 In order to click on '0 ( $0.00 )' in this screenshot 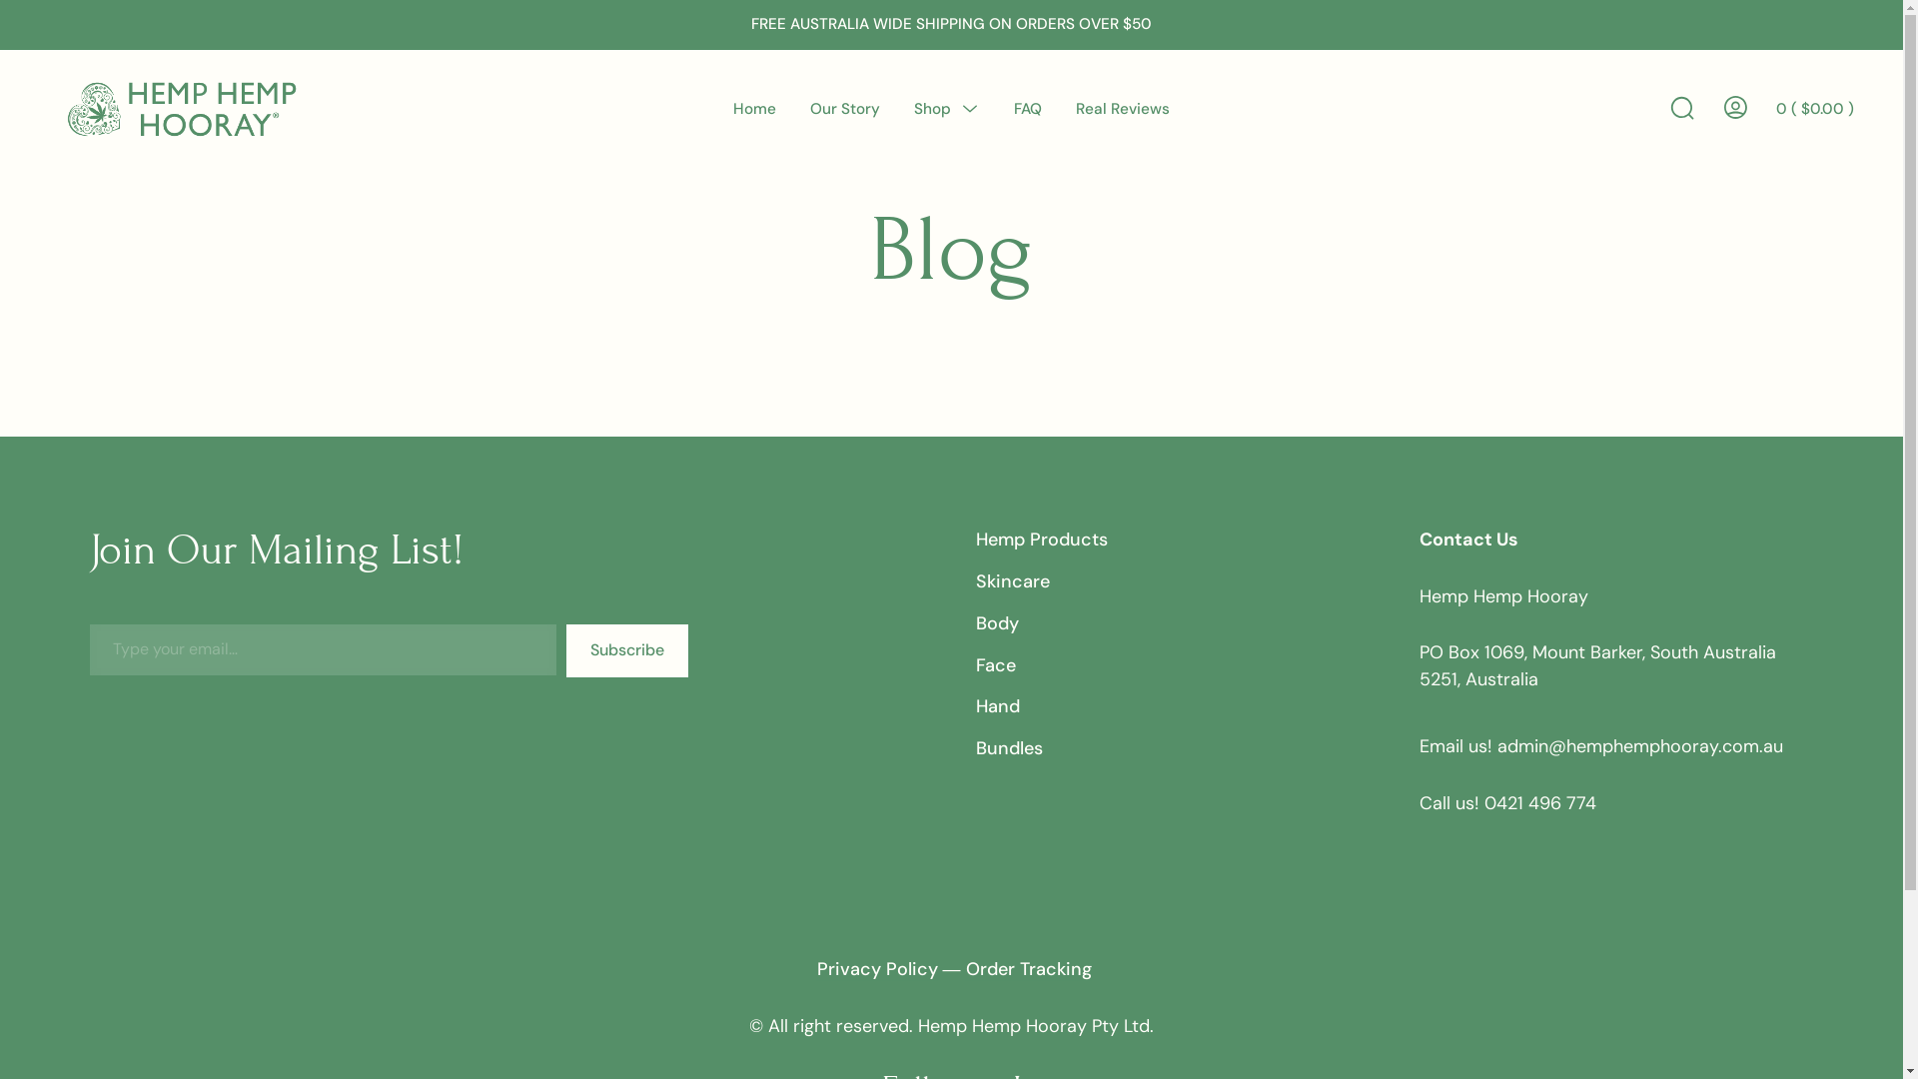, I will do `click(1815, 110)`.